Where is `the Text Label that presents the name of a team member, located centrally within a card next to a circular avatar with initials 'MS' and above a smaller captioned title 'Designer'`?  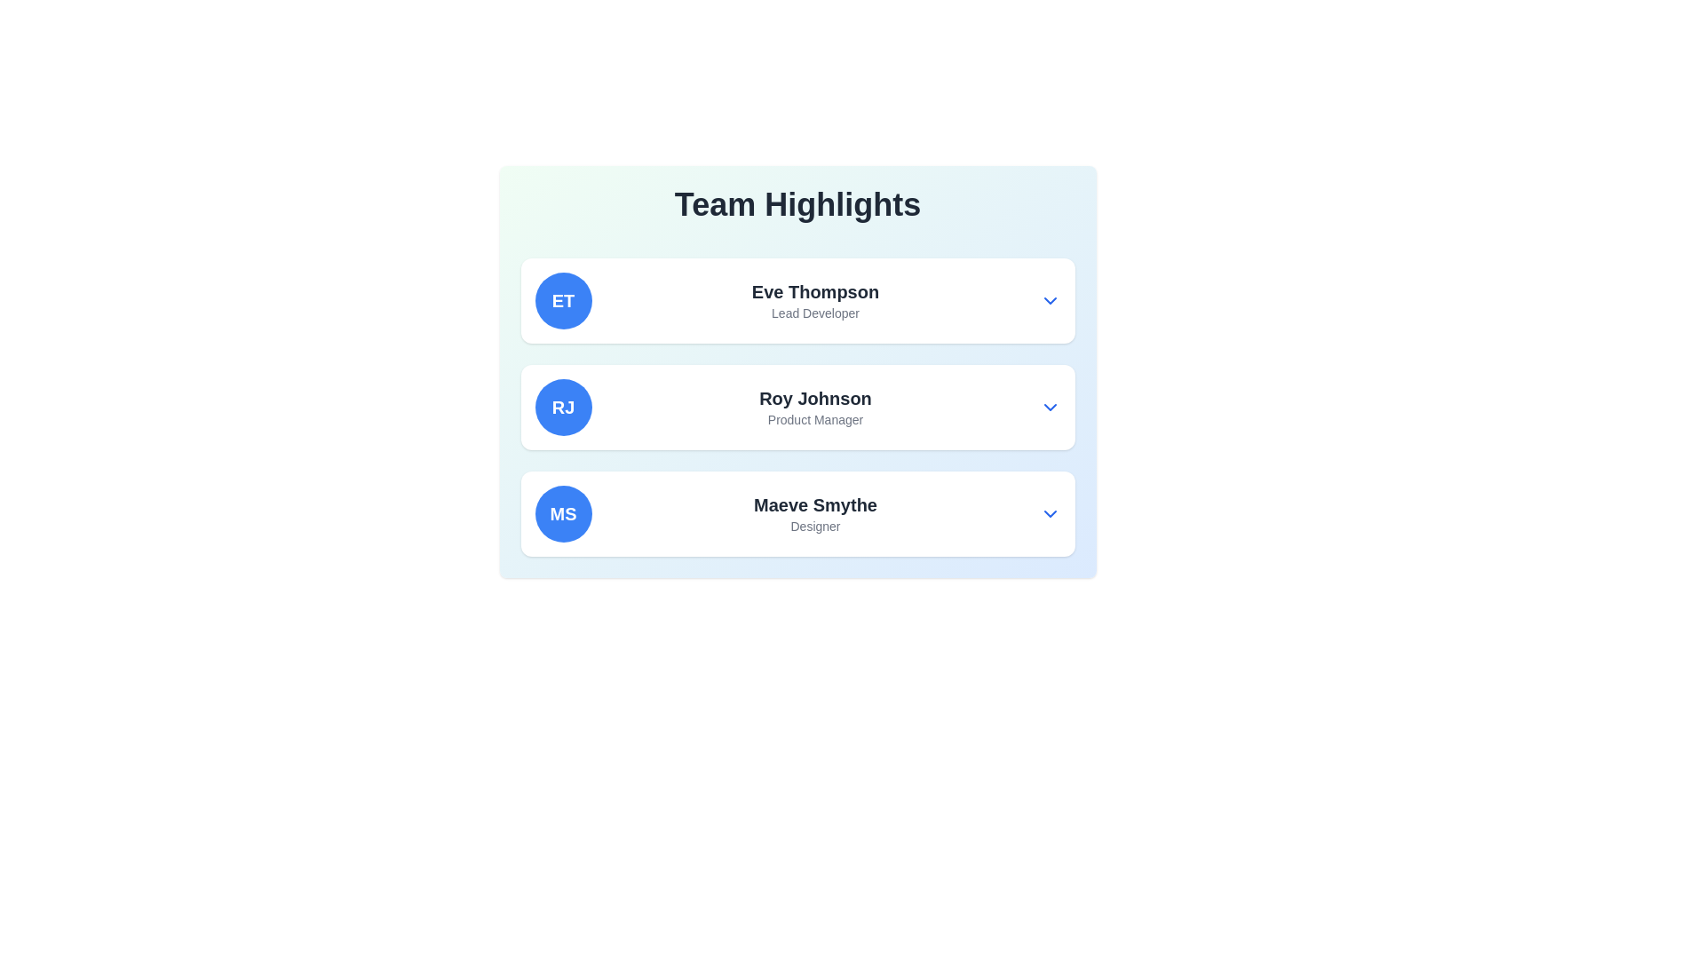 the Text Label that presents the name of a team member, located centrally within a card next to a circular avatar with initials 'MS' and above a smaller captioned title 'Designer' is located at coordinates (814, 505).